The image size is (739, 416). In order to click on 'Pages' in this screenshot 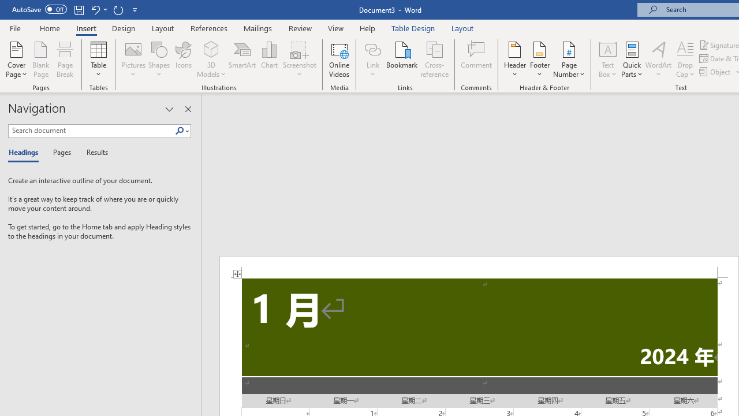, I will do `click(60, 153)`.